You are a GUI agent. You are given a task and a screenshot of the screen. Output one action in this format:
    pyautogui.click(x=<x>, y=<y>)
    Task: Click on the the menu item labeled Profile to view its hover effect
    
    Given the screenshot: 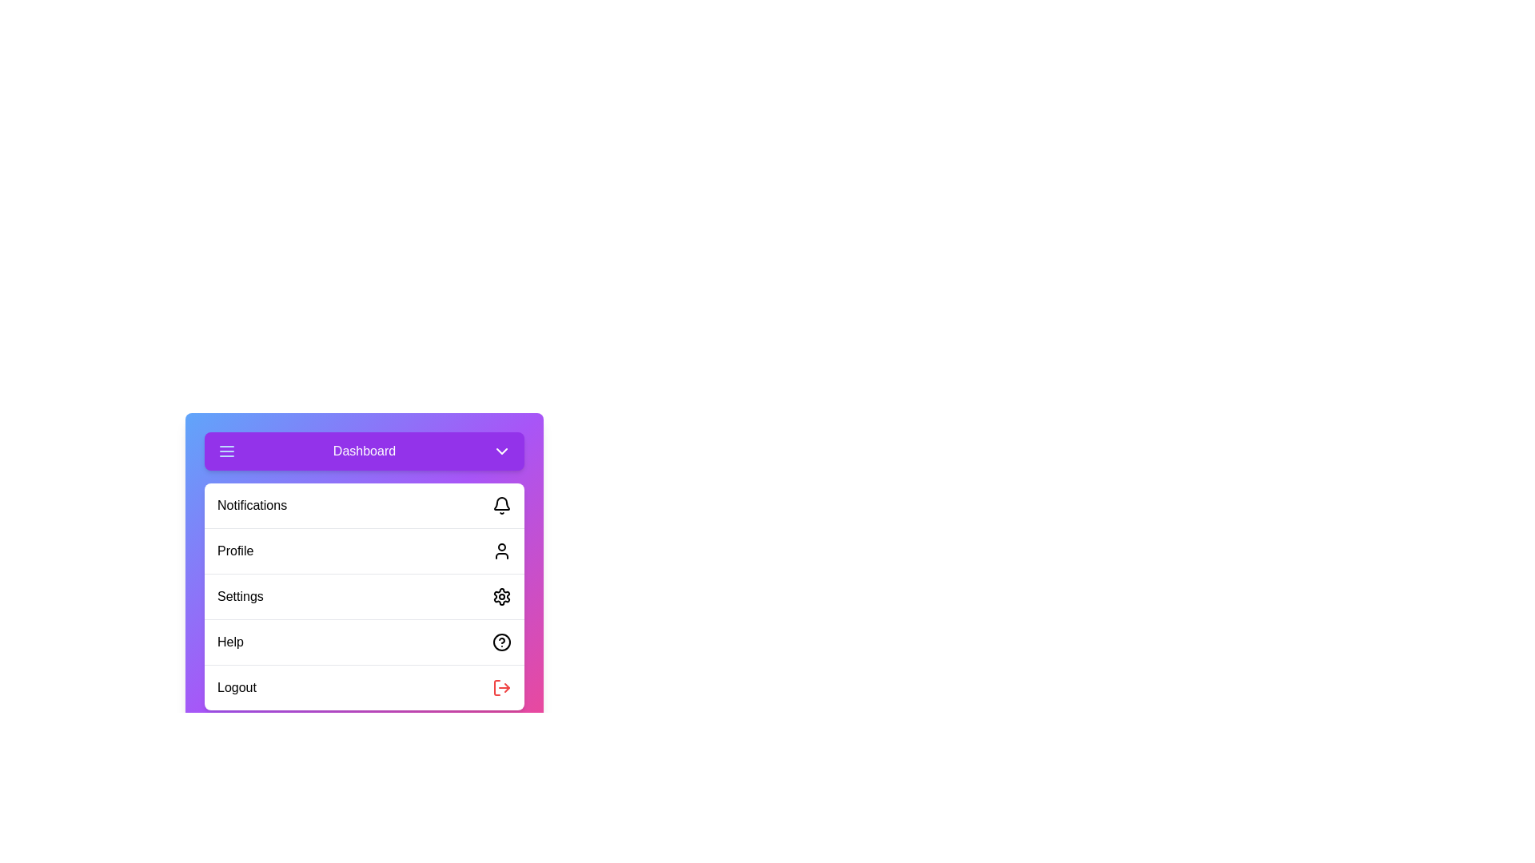 What is the action you would take?
    pyautogui.click(x=364, y=550)
    